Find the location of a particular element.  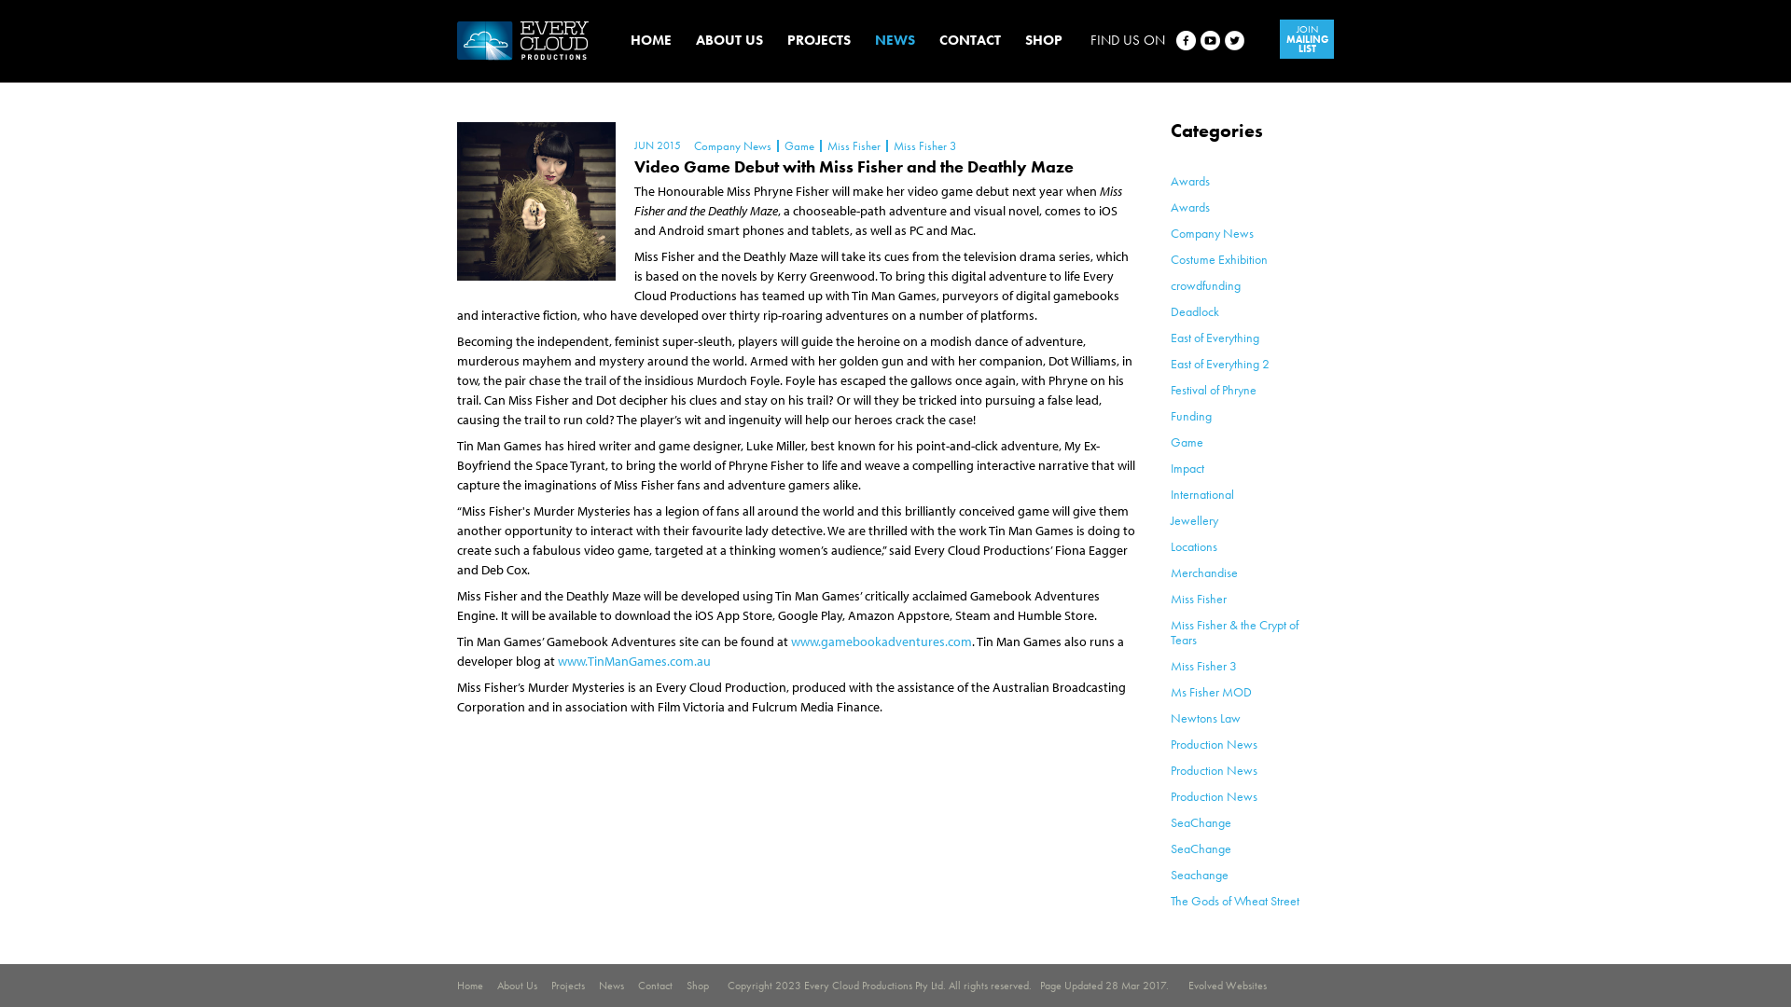

'International' is located at coordinates (1202, 492).